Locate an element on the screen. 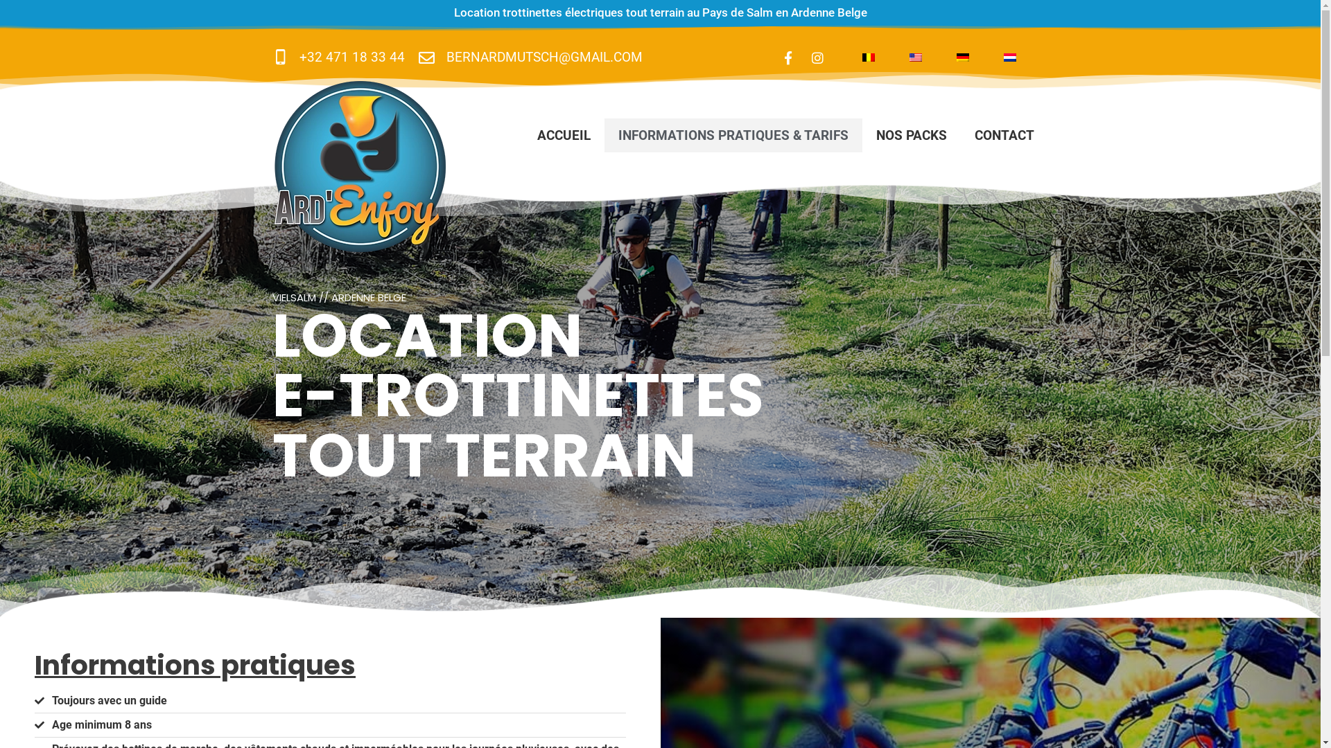 This screenshot has width=1331, height=748. 'INFORMATIONS PRATIQUES & TARIFS' is located at coordinates (732, 135).